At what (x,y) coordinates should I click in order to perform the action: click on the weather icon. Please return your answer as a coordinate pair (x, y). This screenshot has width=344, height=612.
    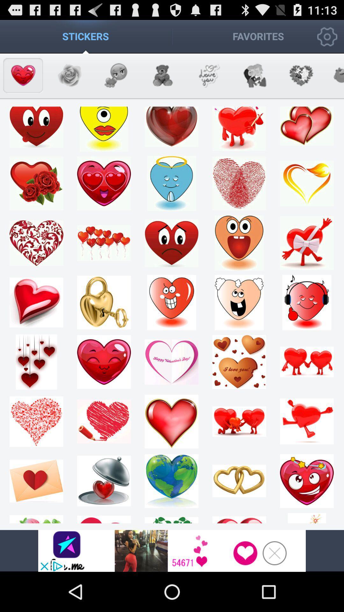
    Looking at the image, I should click on (208, 81).